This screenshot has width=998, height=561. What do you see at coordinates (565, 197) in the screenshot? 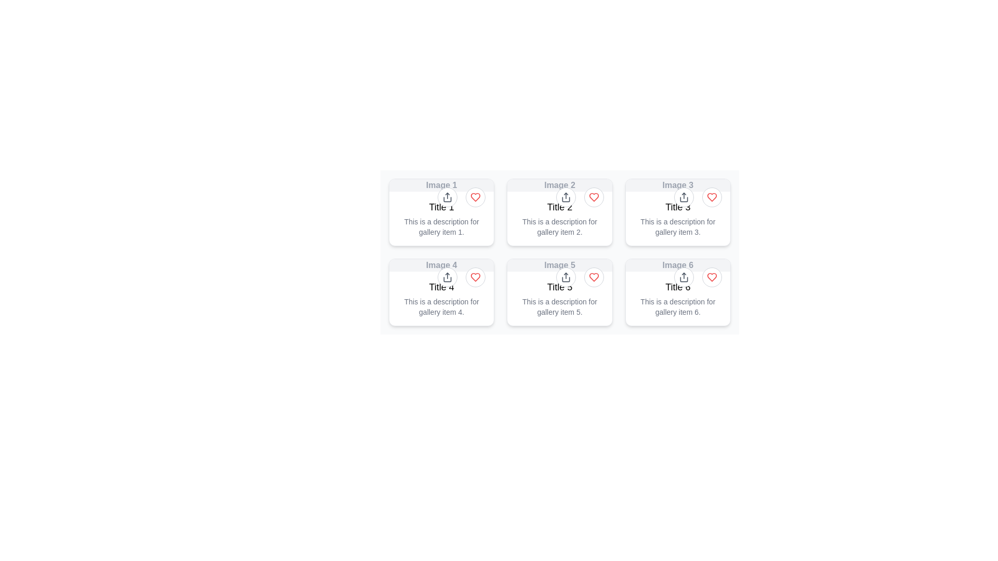
I see `the small circular button with a white background and a gray border, featuring an upward-pointing arrow icon, located in the upper-right section of the card labeled 'Image 2'` at bounding box center [565, 197].